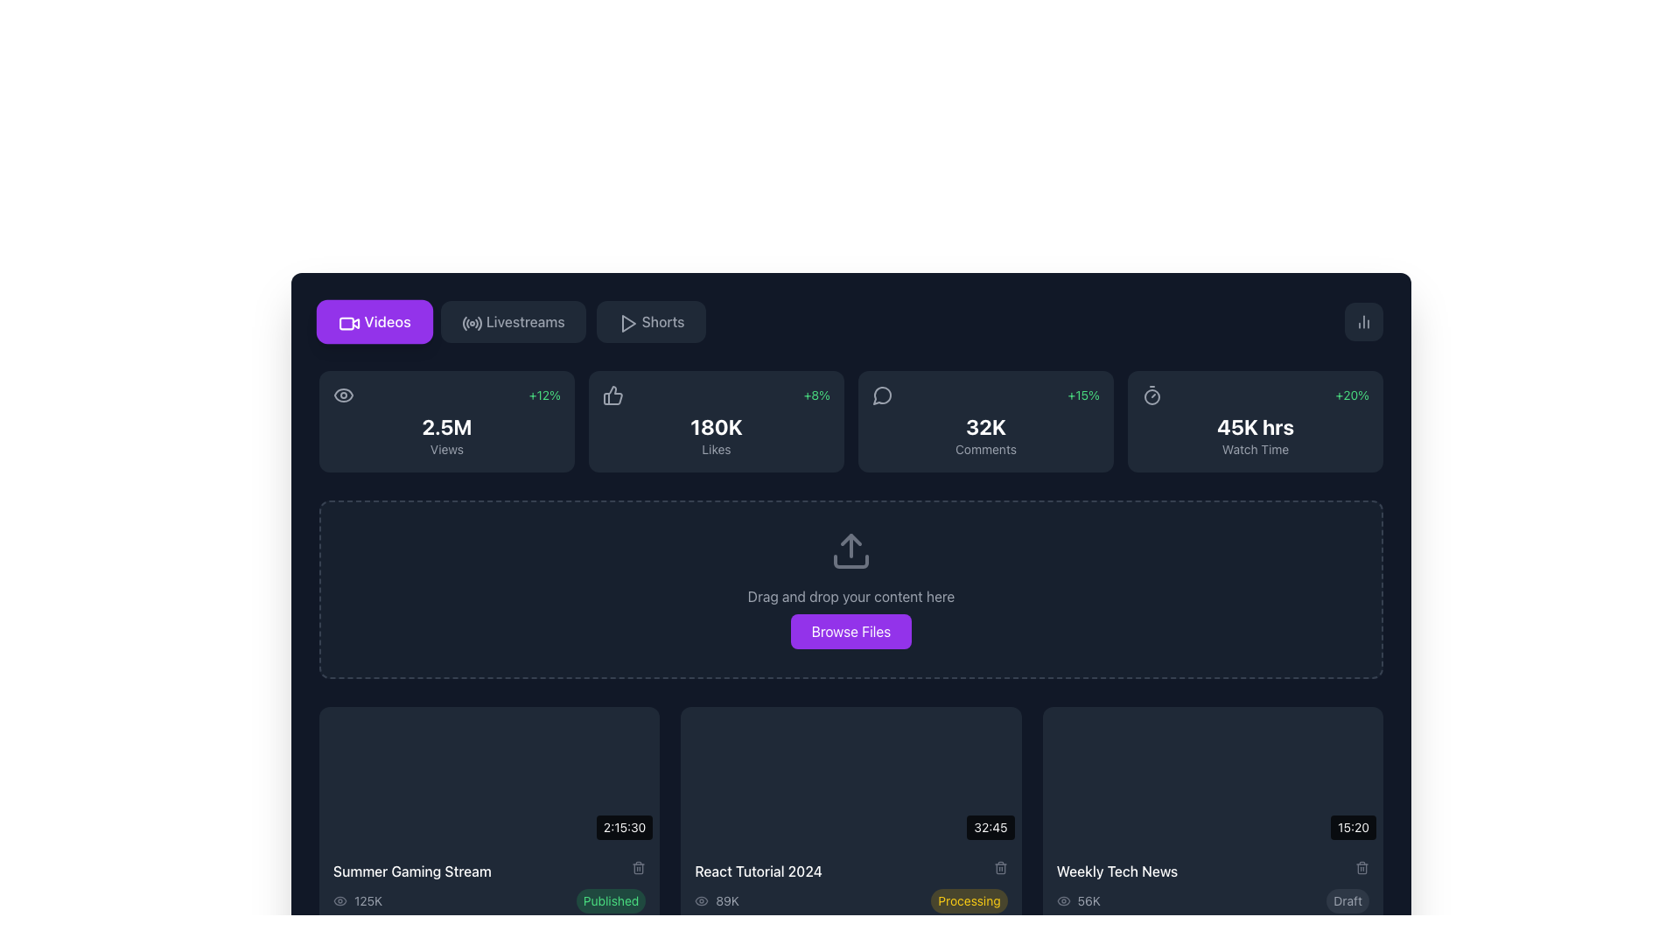  I want to click on the play button located centrally in the top portion of the first card in the third row, above the title 'Summer Gaming Stream', so click(490, 775).